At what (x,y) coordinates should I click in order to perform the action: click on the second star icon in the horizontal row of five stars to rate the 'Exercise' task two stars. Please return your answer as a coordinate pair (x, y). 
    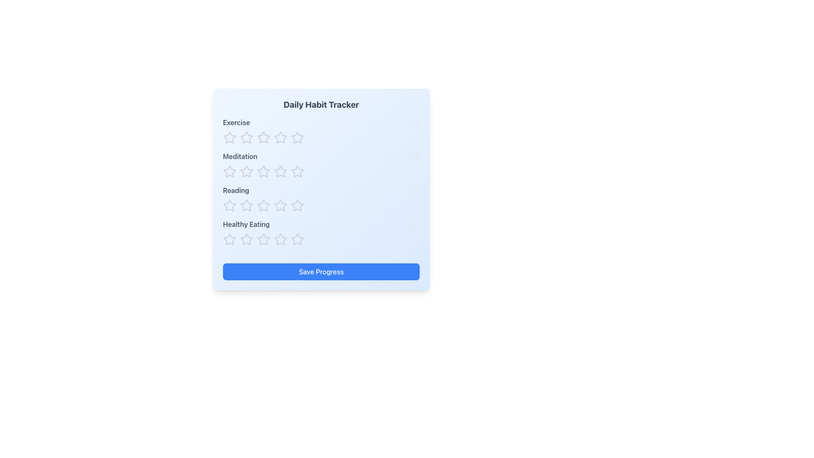
    Looking at the image, I should click on (280, 137).